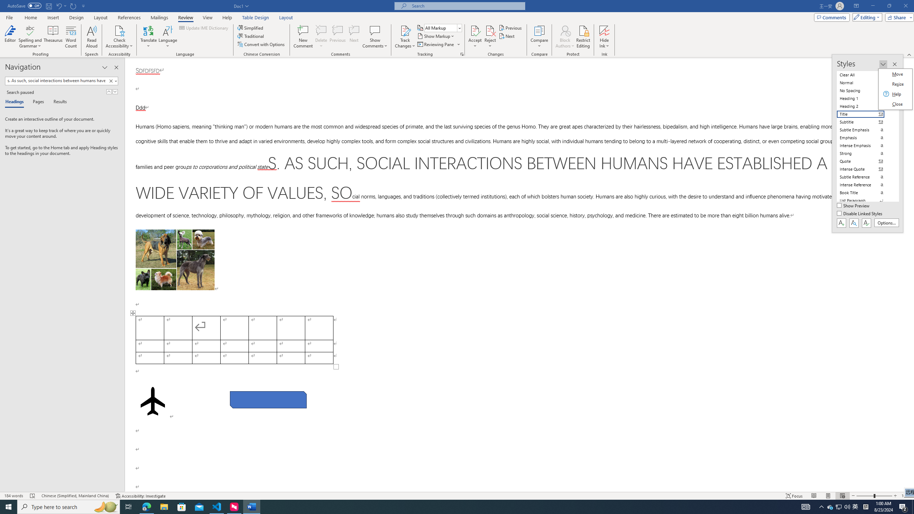 This screenshot has width=914, height=514. What do you see at coordinates (865, 193) in the screenshot?
I see `'Book Title'` at bounding box center [865, 193].